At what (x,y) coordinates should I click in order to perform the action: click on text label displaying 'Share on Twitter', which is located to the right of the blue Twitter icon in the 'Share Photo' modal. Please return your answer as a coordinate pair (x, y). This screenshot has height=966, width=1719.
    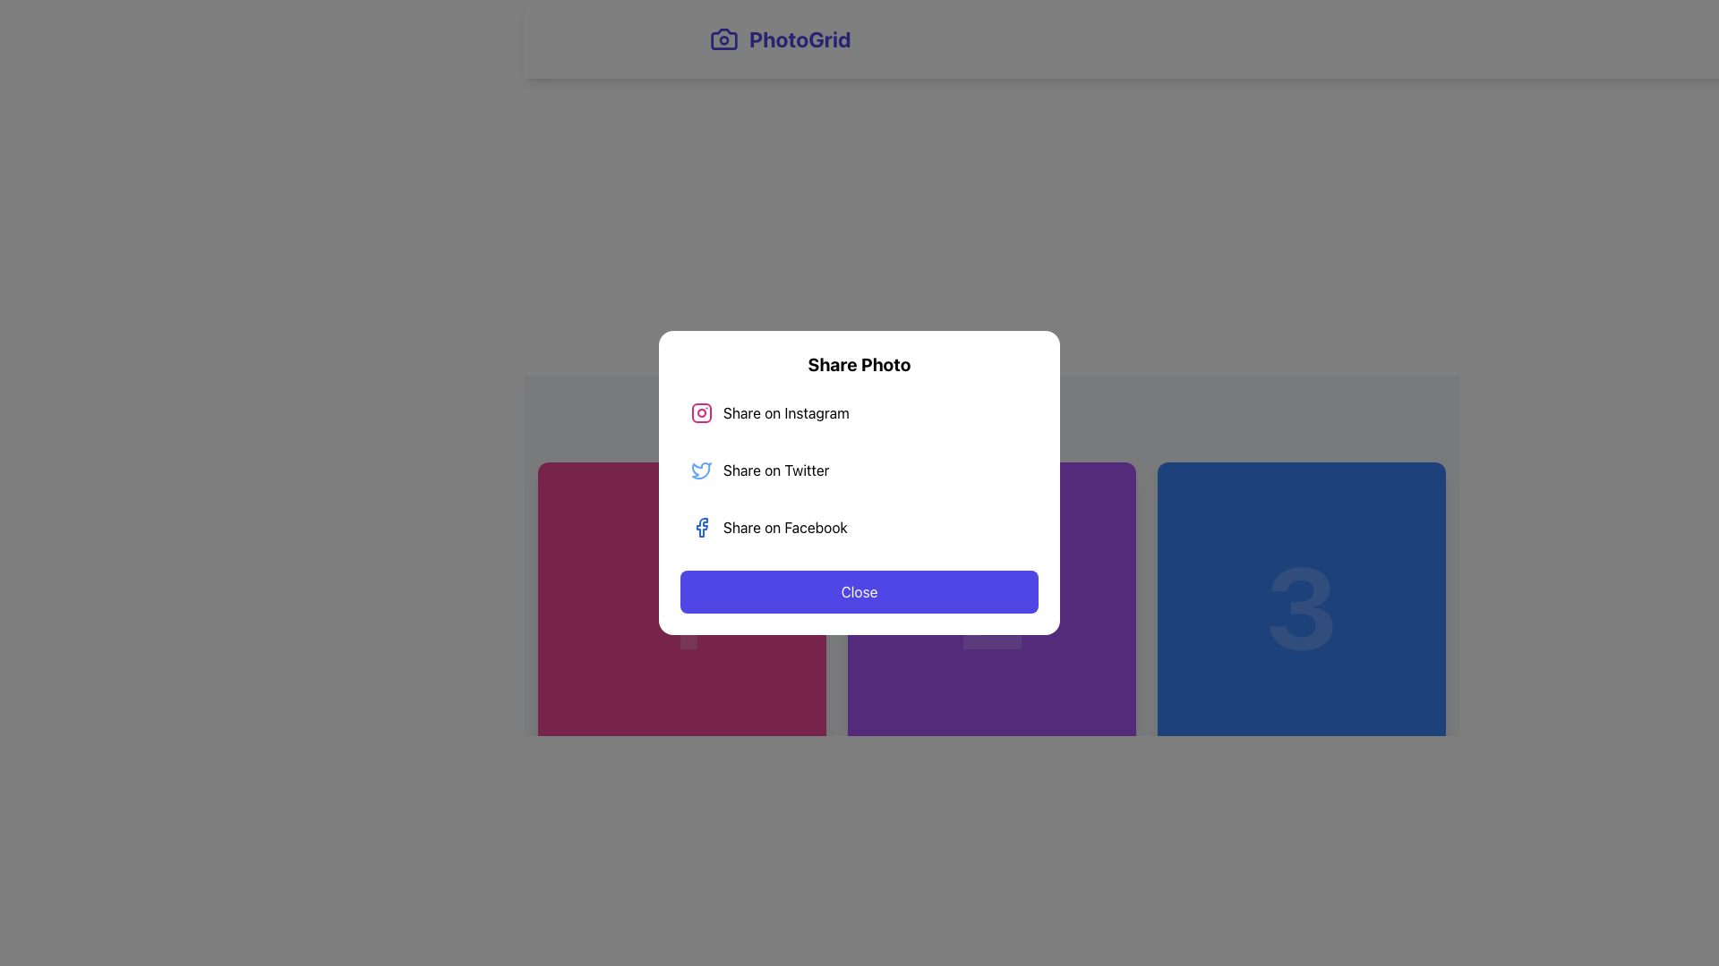
    Looking at the image, I should click on (776, 469).